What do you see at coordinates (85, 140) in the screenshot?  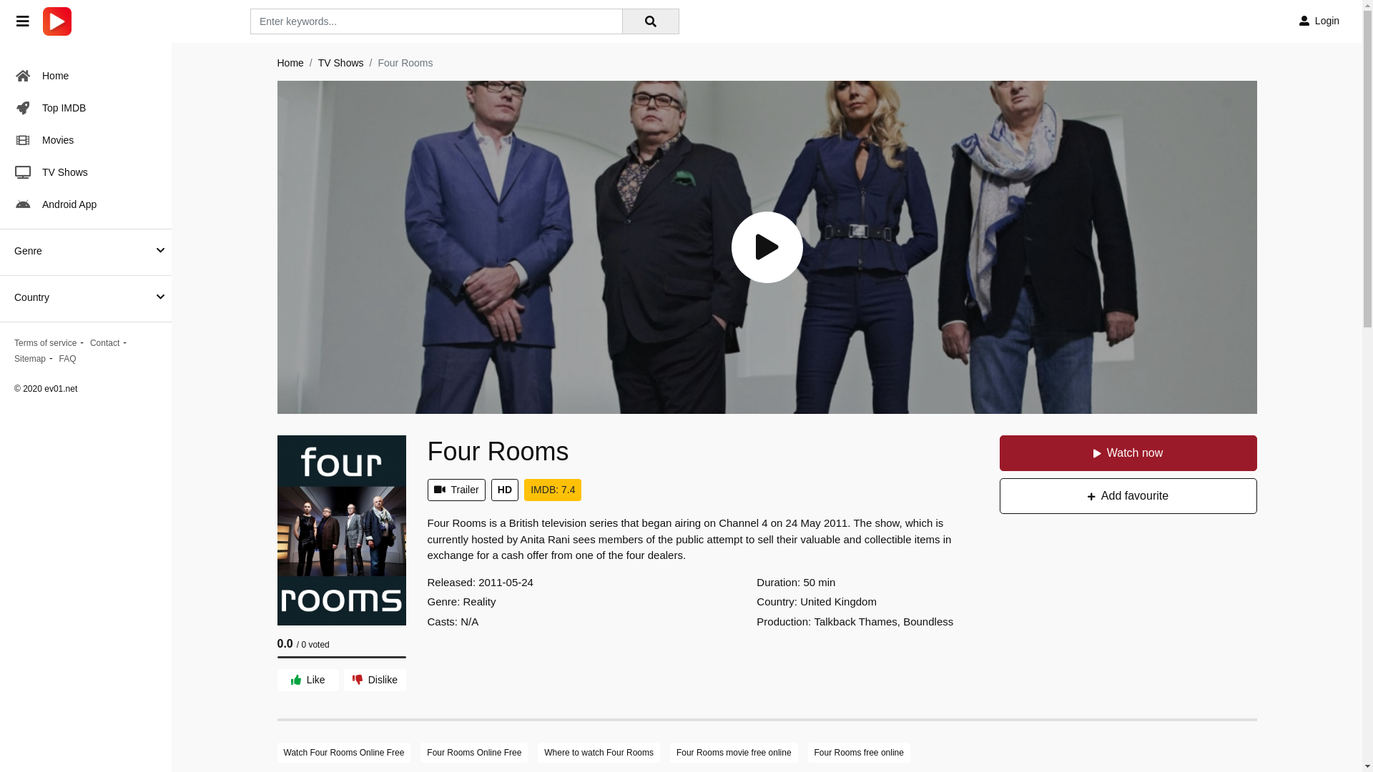 I see `'Movies'` at bounding box center [85, 140].